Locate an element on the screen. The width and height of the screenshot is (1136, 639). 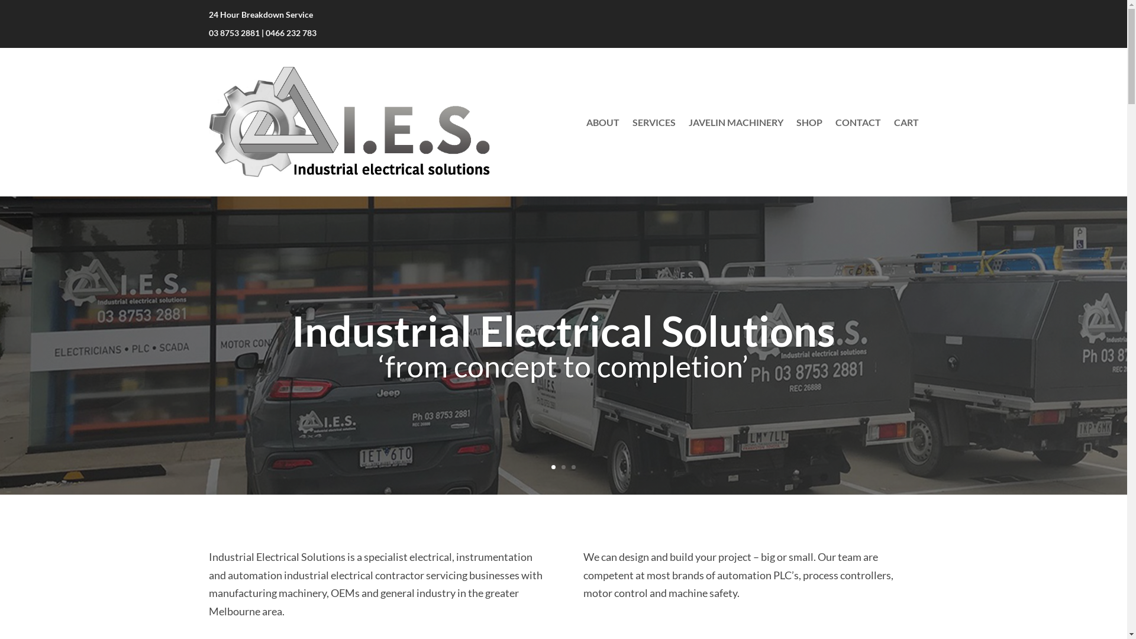
'CONTACT' is located at coordinates (858, 122).